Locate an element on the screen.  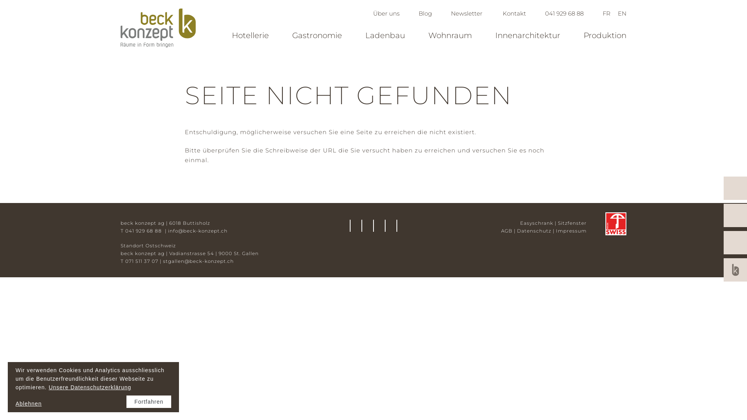
'Facebook' is located at coordinates (361, 227).